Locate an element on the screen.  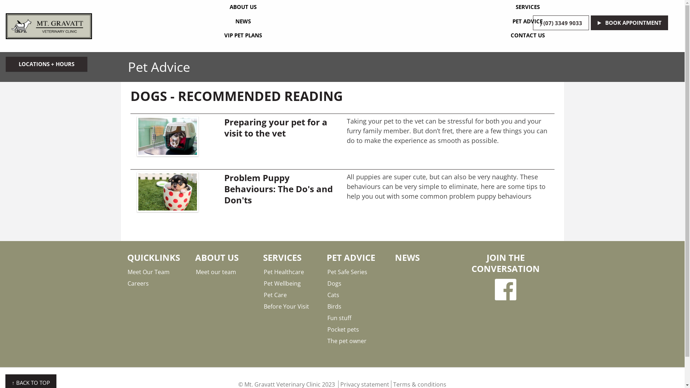
'NEWS' is located at coordinates (243, 21).